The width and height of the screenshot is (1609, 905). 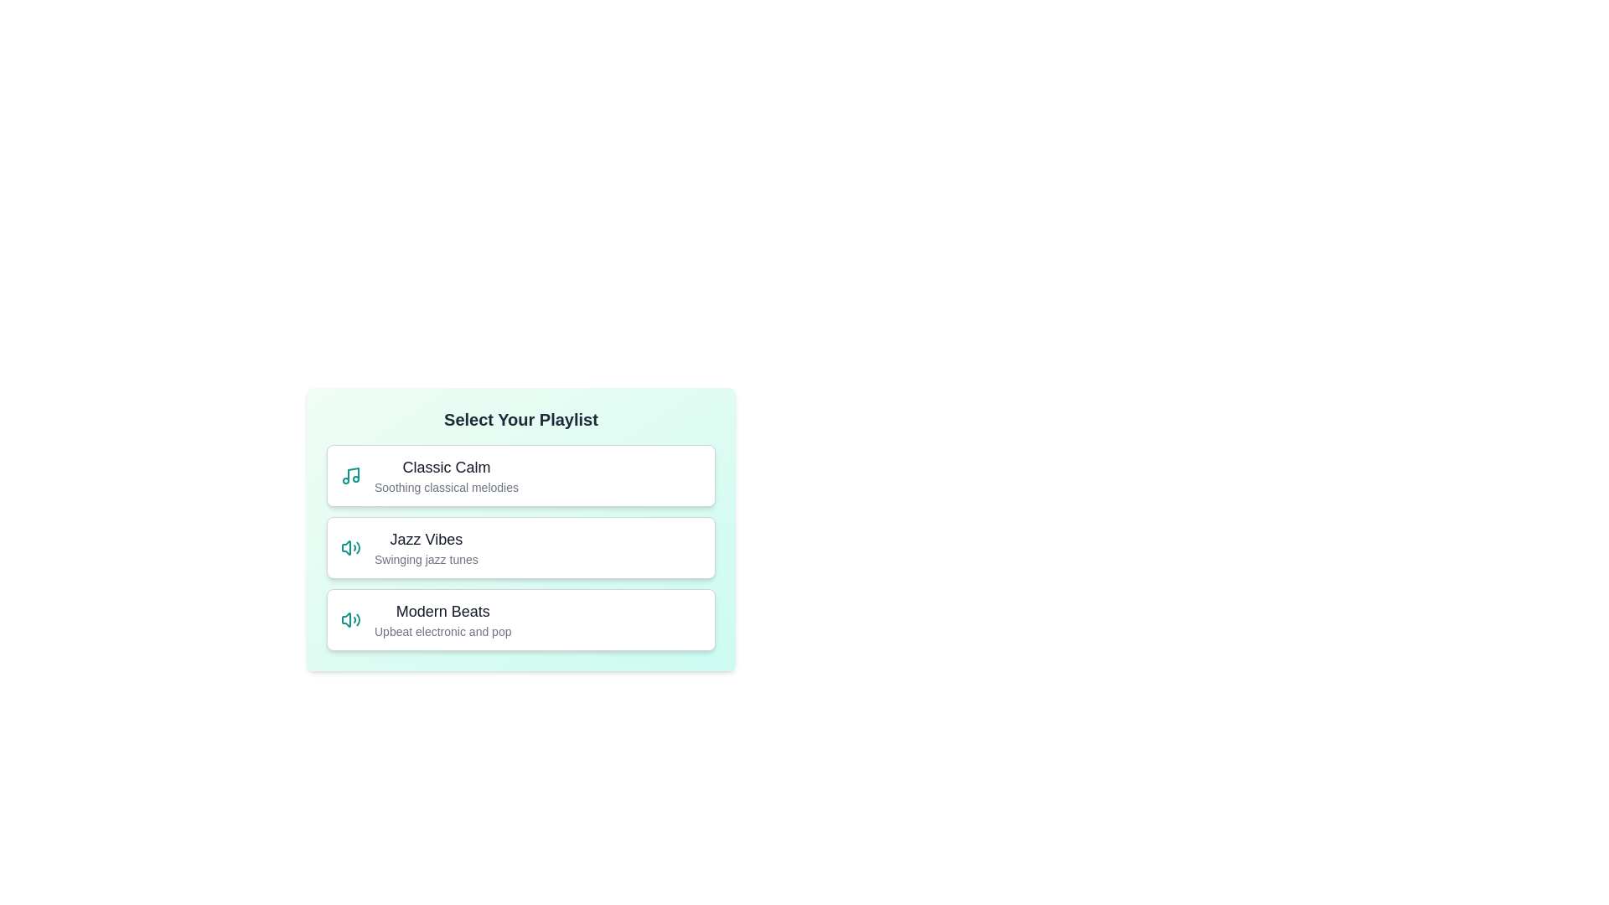 I want to click on the 'Jazz Vibes' selection card, which is the second option in the playlist selection list, so click(x=520, y=548).